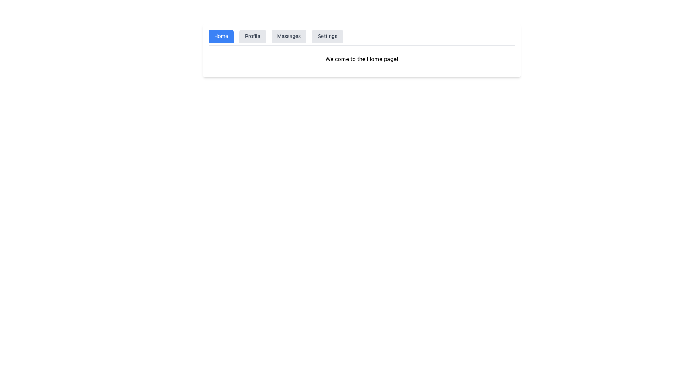 This screenshot has height=383, width=681. Describe the element at coordinates (252, 36) in the screenshot. I see `the 'Profile' button located in the navigation bar` at that location.